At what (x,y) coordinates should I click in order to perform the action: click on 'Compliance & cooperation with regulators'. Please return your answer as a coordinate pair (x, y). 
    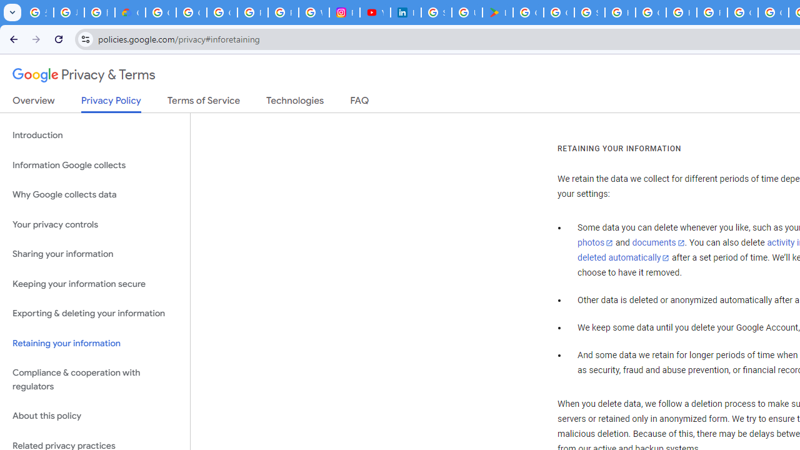
    Looking at the image, I should click on (94, 379).